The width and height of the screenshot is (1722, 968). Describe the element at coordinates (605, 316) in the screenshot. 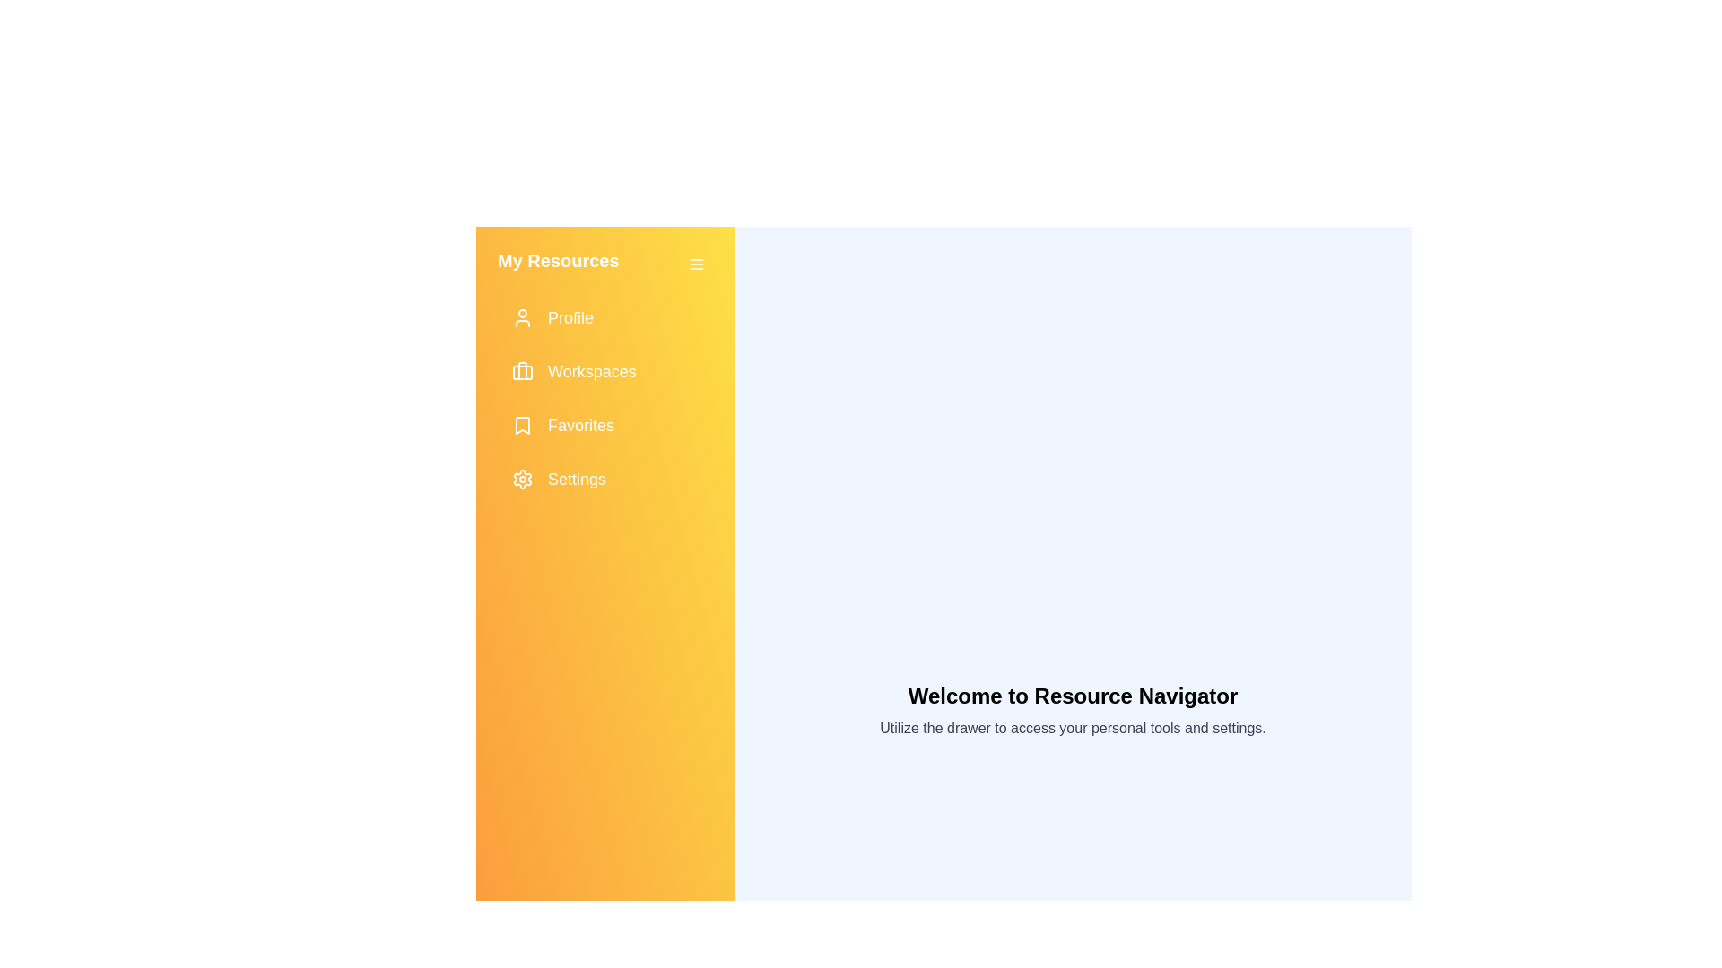

I see `the 'Profile' button in the navigation drawer` at that location.